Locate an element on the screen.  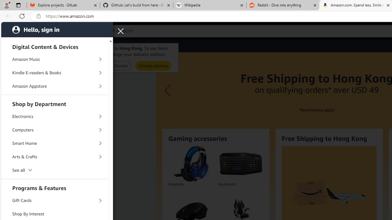
'Smart Home' is located at coordinates (55, 143).